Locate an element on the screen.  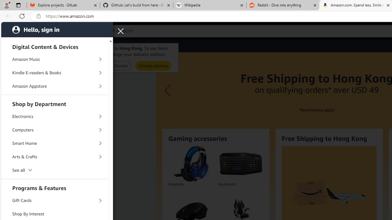
'Smart Home' is located at coordinates (55, 143).